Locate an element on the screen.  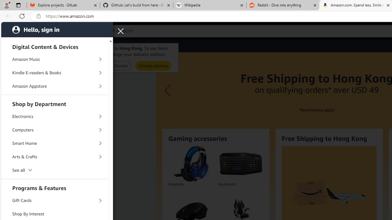
'Smart Home' is located at coordinates (55, 143).